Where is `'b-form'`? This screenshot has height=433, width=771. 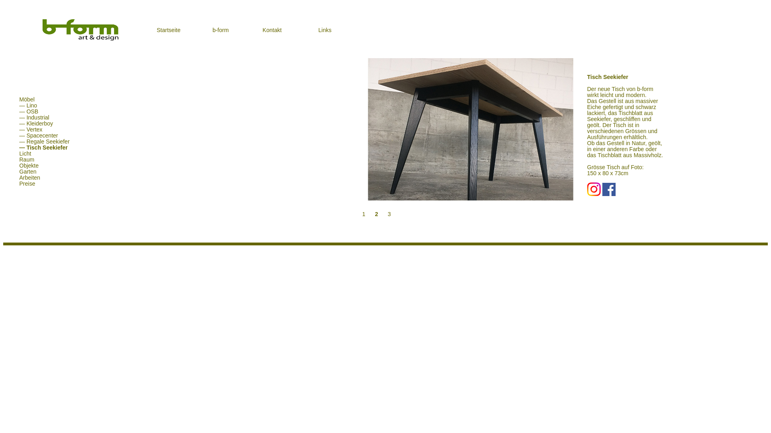 'b-form' is located at coordinates (220, 29).